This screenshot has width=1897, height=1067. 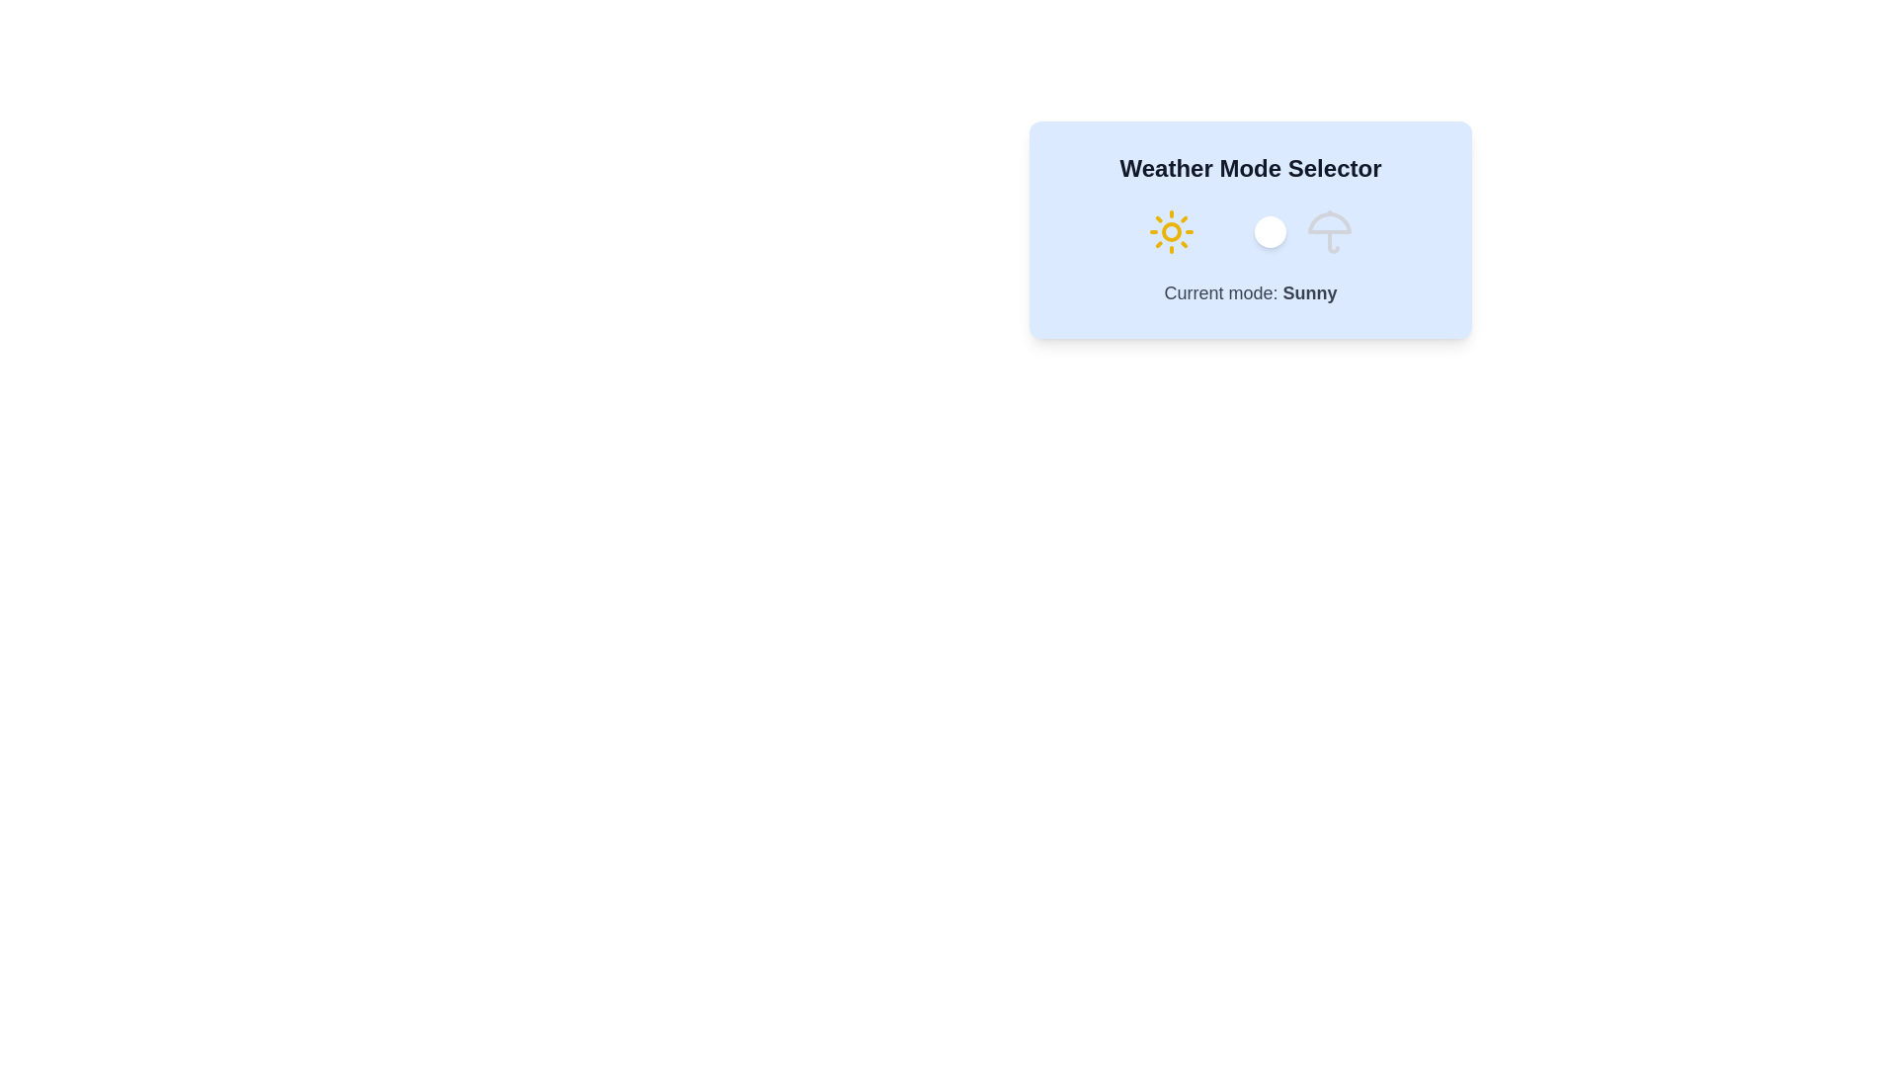 What do you see at coordinates (1171, 231) in the screenshot?
I see `the small filled circle at the center of the yellow sun icon in the Weather Mode Selector component` at bounding box center [1171, 231].